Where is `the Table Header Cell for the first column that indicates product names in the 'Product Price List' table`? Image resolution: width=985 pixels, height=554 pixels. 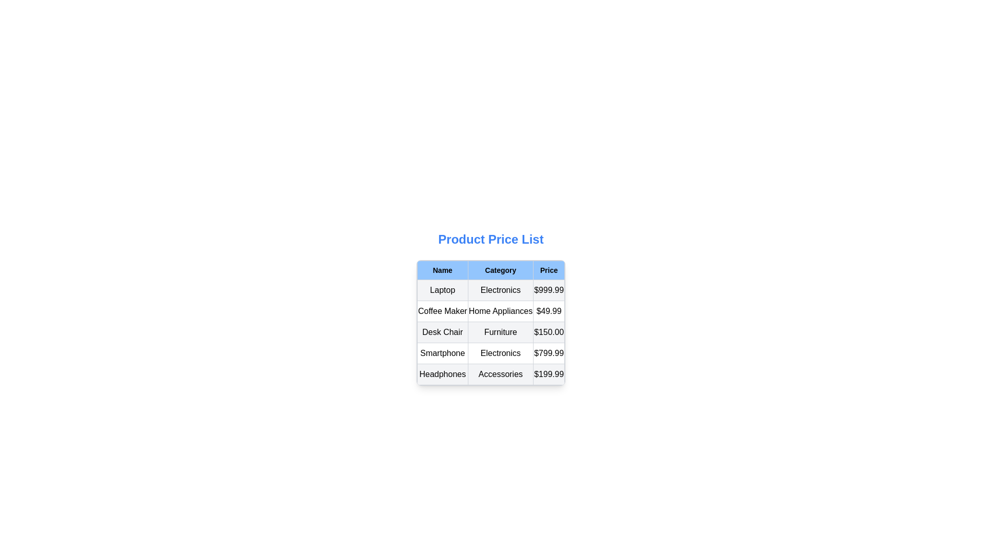 the Table Header Cell for the first column that indicates product names in the 'Product Price List' table is located at coordinates (442, 270).